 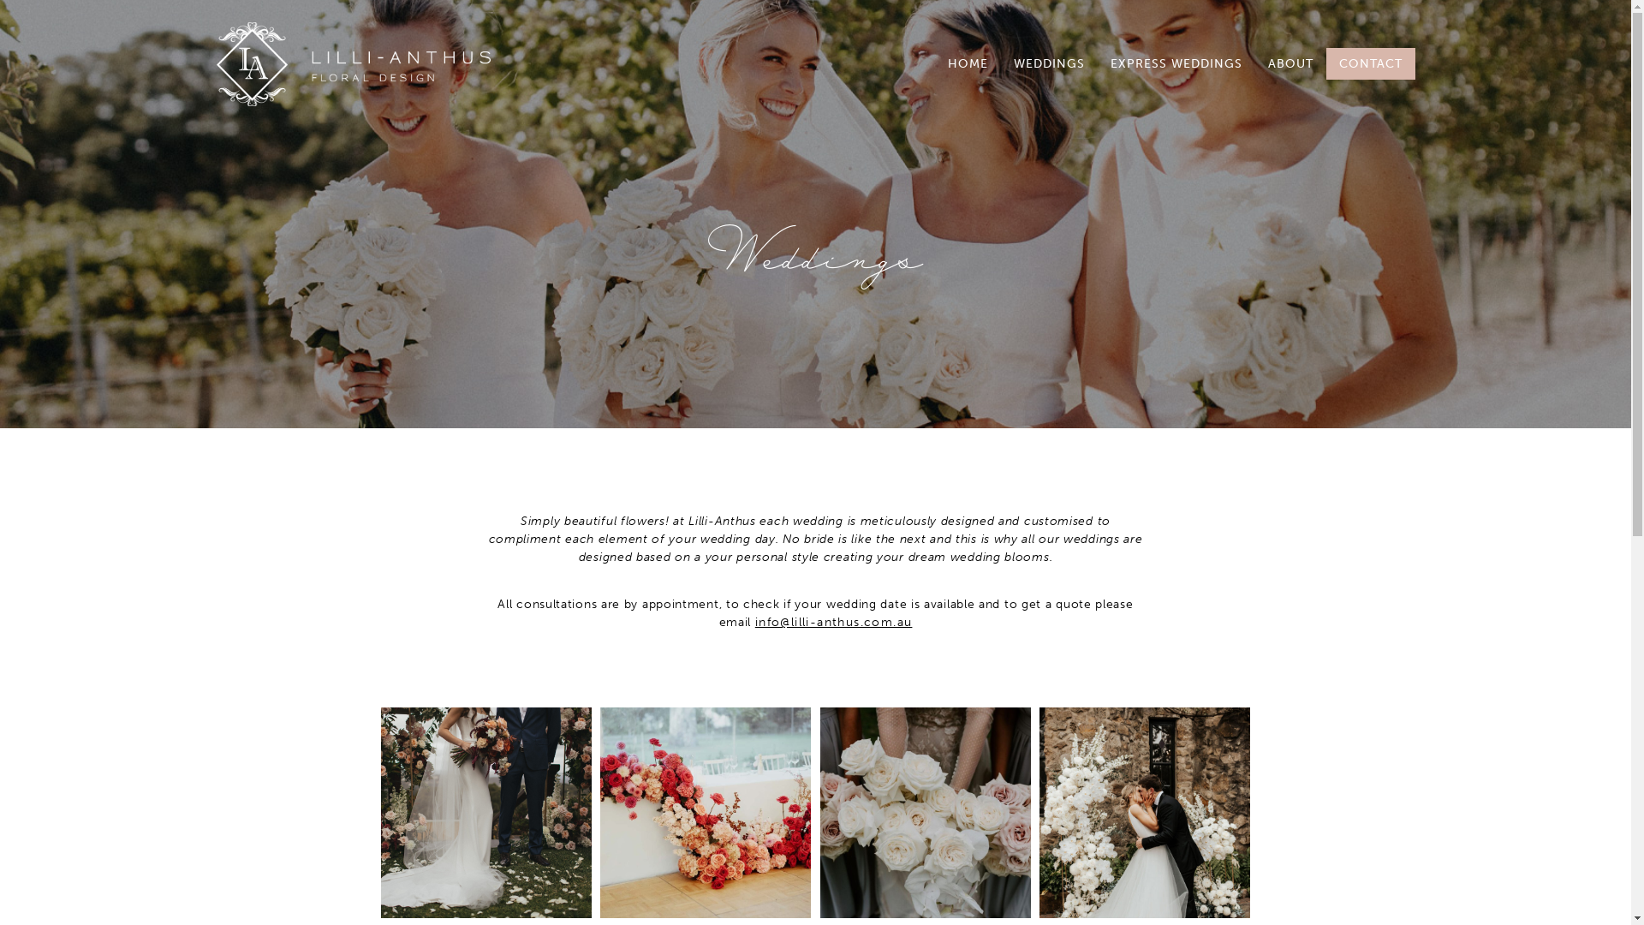 What do you see at coordinates (1290, 63) in the screenshot?
I see `'ABOUT'` at bounding box center [1290, 63].